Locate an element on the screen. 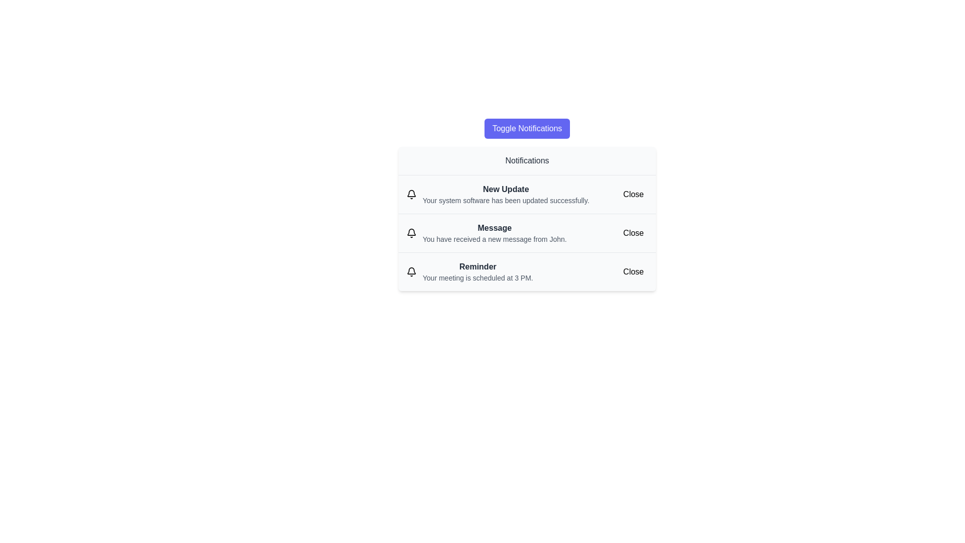  the 'Close' button, which is styled with a rounded edge and located on the far right of the notification titled 'New Update' is located at coordinates (633, 194).